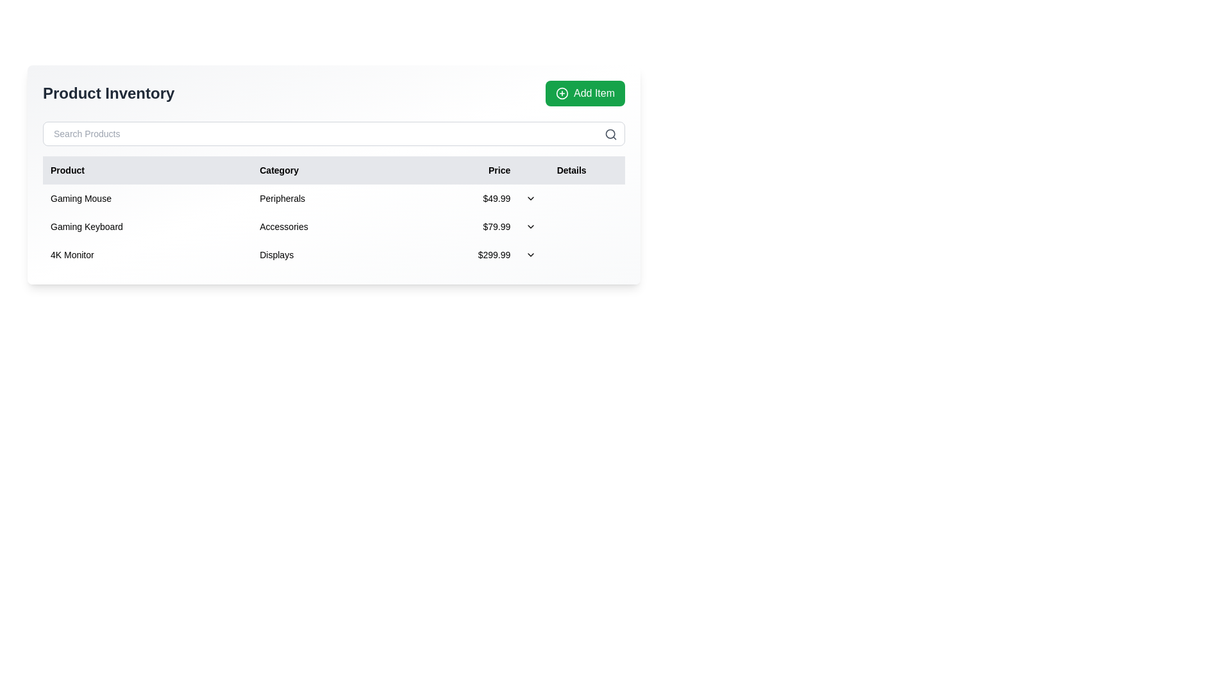  I want to click on the second row of the table displaying product details for 'Gaming Keyboard', which is categorized as 'Accessories' and priced at '$79.99', so click(334, 226).